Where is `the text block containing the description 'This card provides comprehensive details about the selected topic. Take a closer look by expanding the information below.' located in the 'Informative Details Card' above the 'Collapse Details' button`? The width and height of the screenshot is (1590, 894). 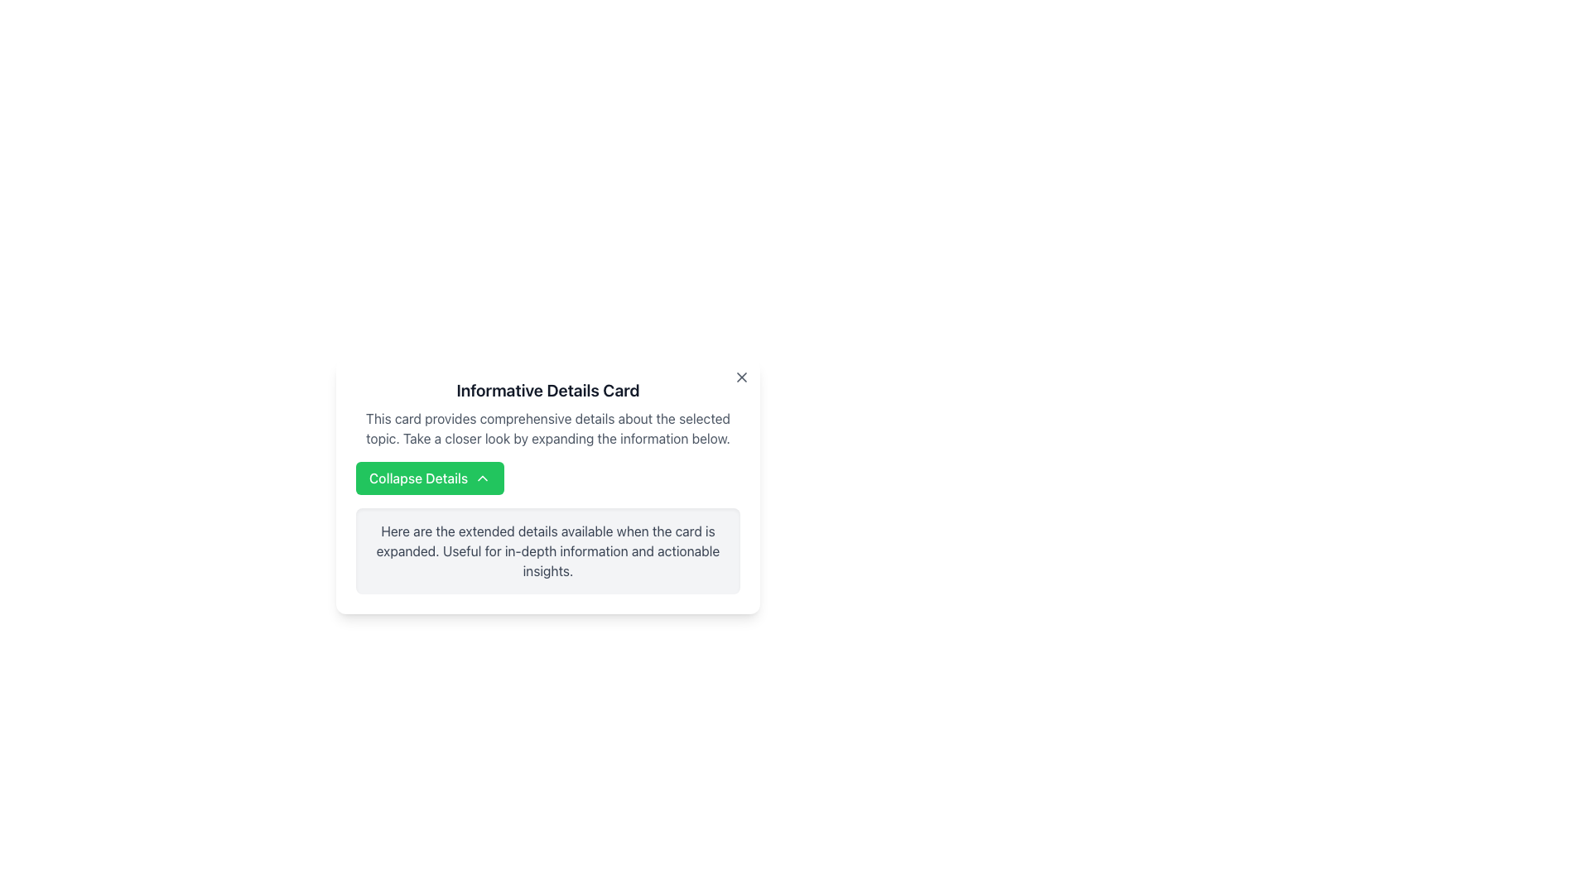
the text block containing the description 'This card provides comprehensive details about the selected topic. Take a closer look by expanding the information below.' located in the 'Informative Details Card' above the 'Collapse Details' button is located at coordinates (548, 427).